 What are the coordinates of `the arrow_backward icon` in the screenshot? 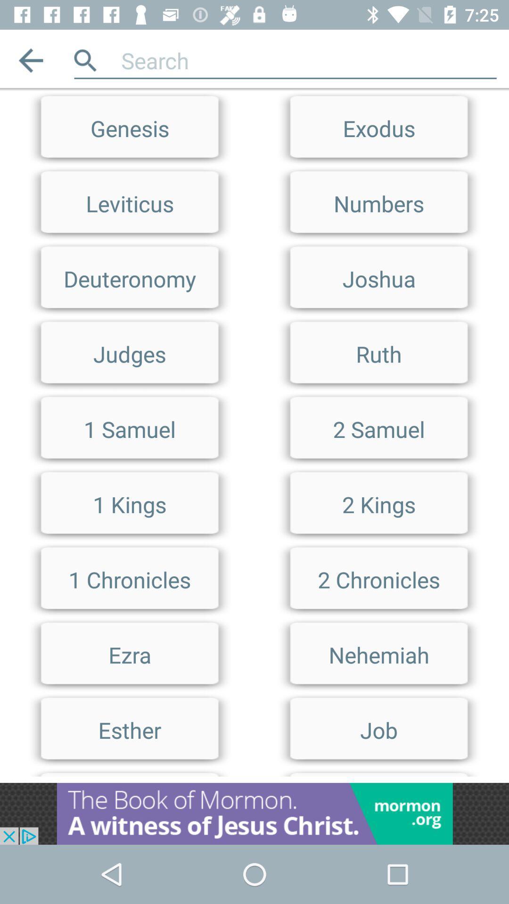 It's located at (30, 60).